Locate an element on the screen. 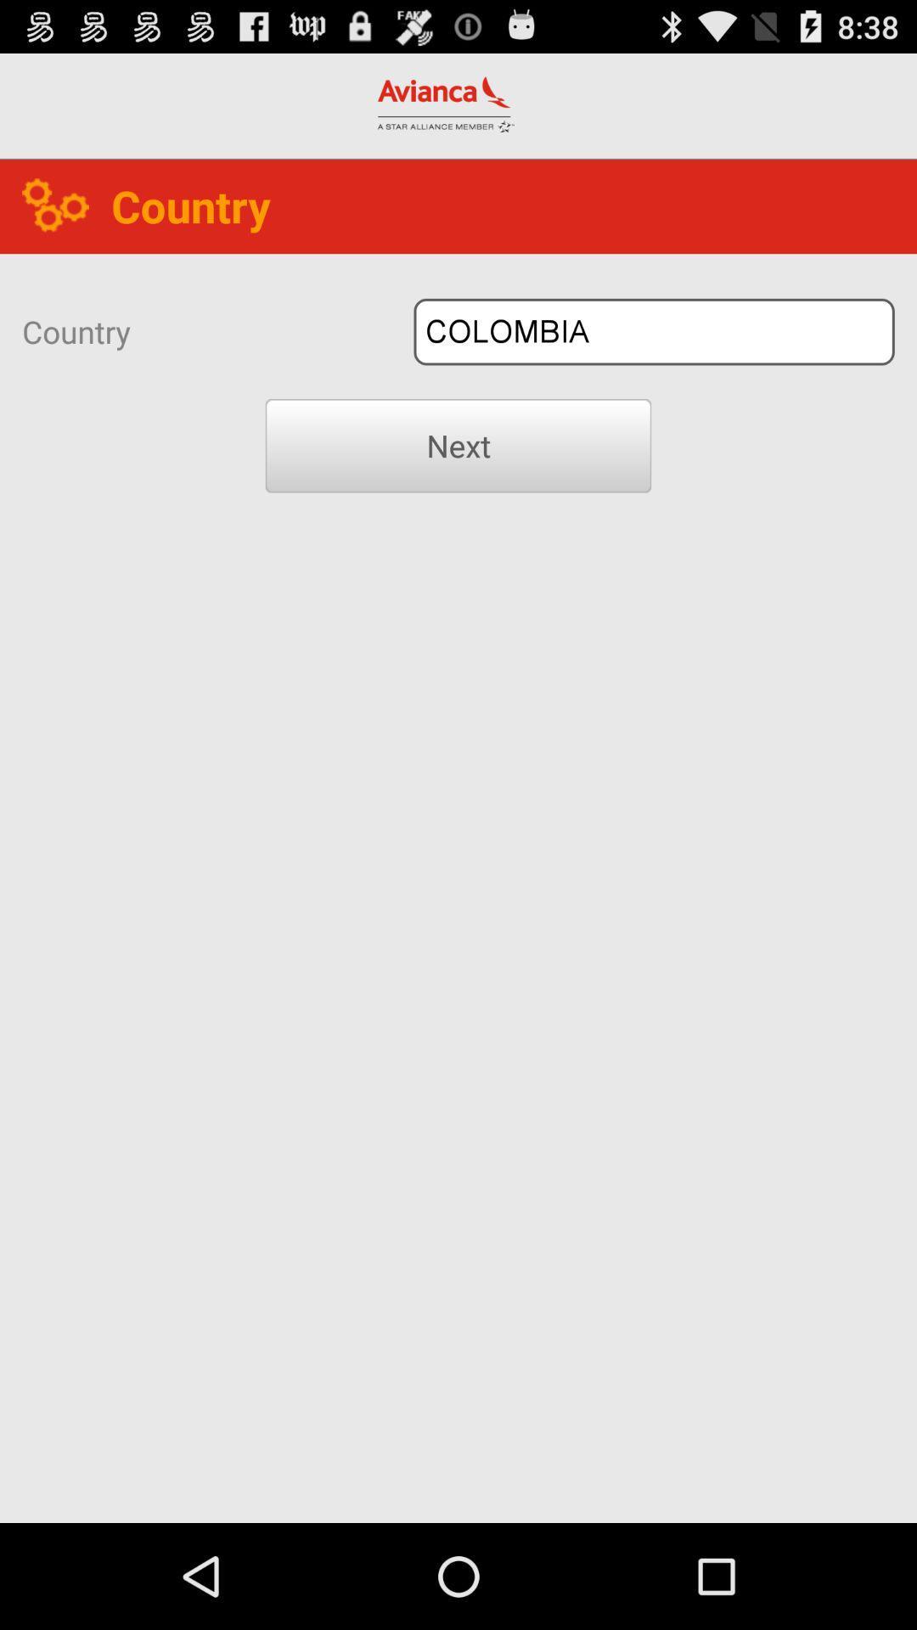 This screenshot has width=917, height=1630. next is located at coordinates (458, 446).